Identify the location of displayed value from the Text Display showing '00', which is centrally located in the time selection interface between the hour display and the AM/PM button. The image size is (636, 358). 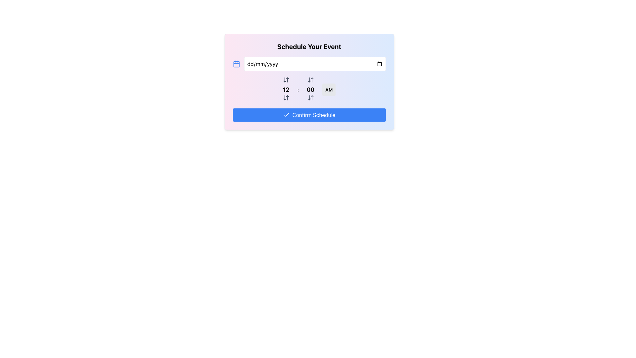
(310, 89).